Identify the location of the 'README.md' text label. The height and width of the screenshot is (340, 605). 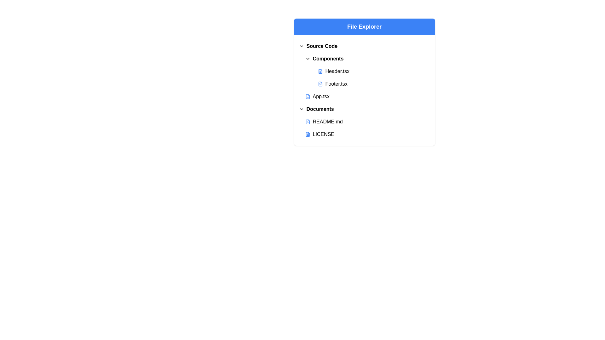
(328, 122).